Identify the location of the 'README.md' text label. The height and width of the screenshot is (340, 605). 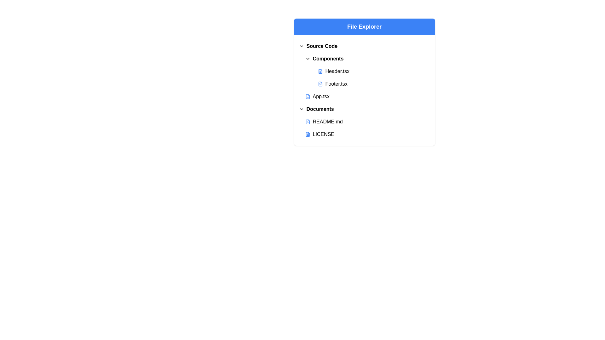
(328, 122).